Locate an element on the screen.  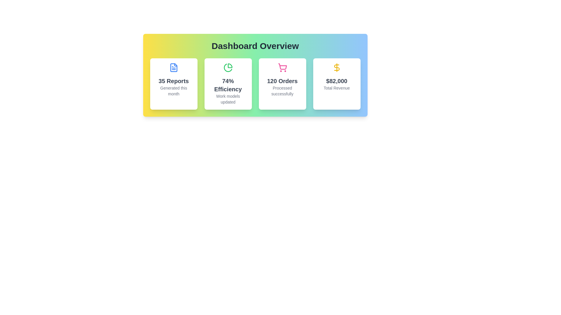
the pie chart icon representing the efficiency statistics of 74% located at the top of the second card in a horizontal row of four cards is located at coordinates (228, 67).